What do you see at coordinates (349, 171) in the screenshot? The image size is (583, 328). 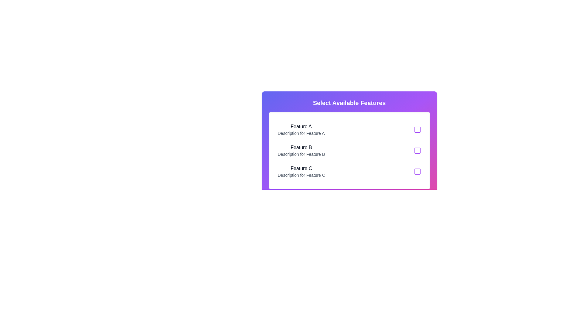 I see `the row labeled 'Feature C' with its corresponding checkbox` at bounding box center [349, 171].